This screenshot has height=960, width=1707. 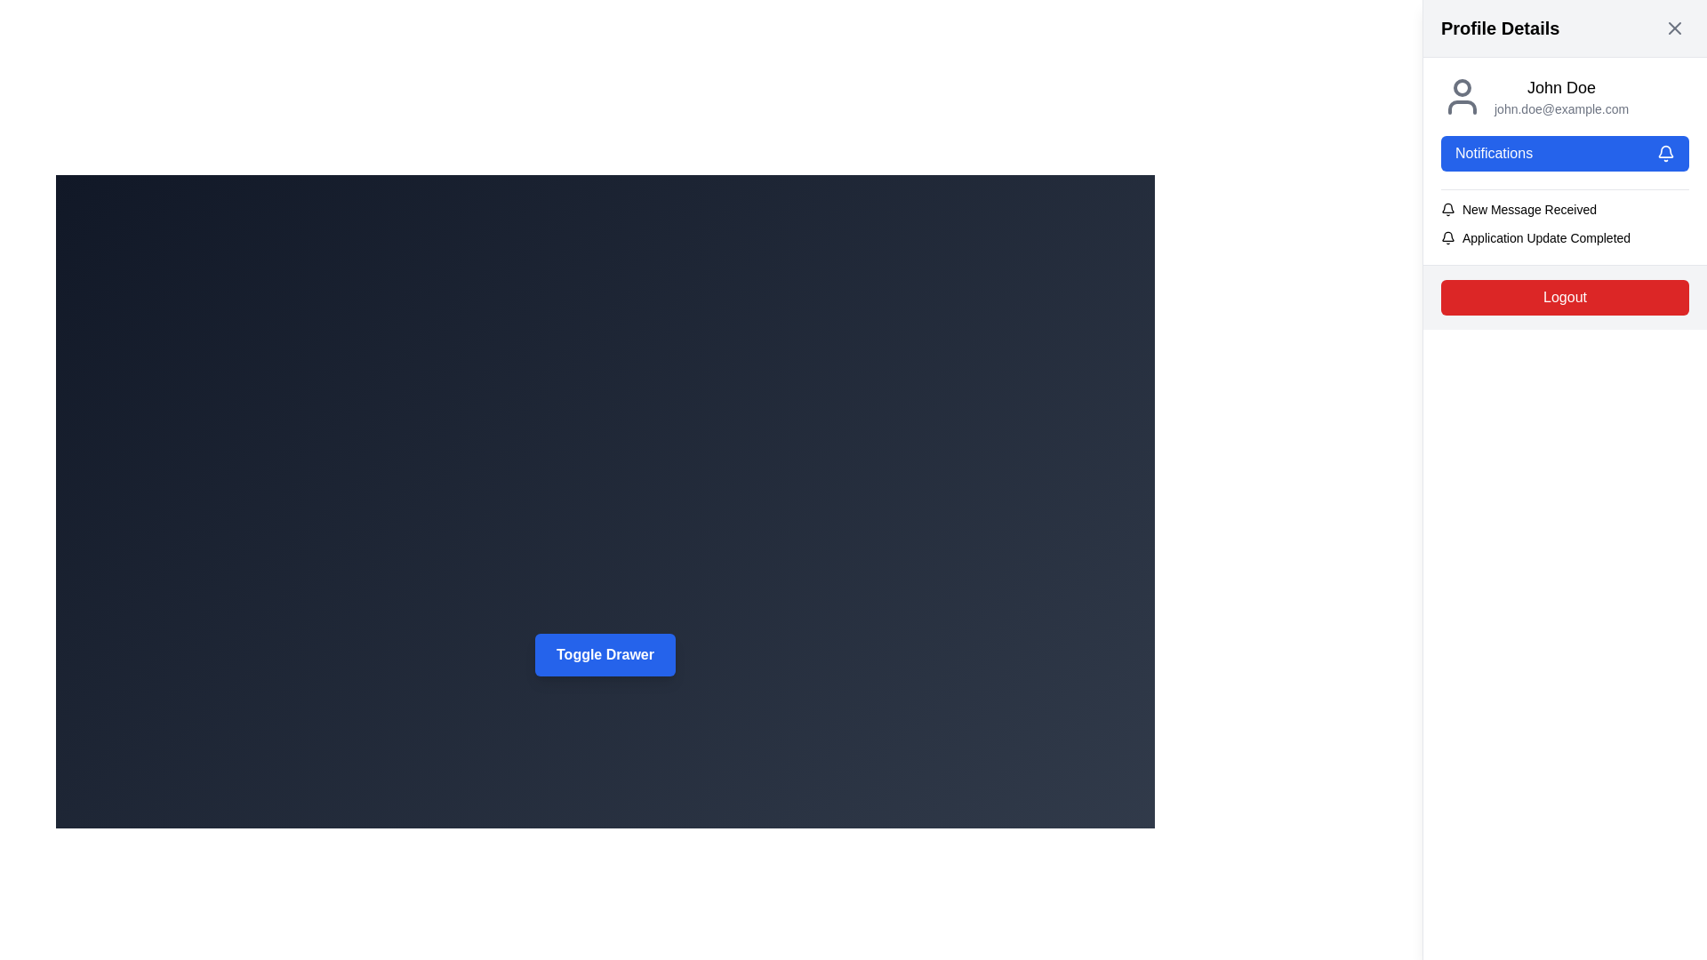 I want to click on the Profile Information Section, which displays the user's name and email address, located at the top of the Profile Details panel in the side panel, so click(x=1565, y=96).